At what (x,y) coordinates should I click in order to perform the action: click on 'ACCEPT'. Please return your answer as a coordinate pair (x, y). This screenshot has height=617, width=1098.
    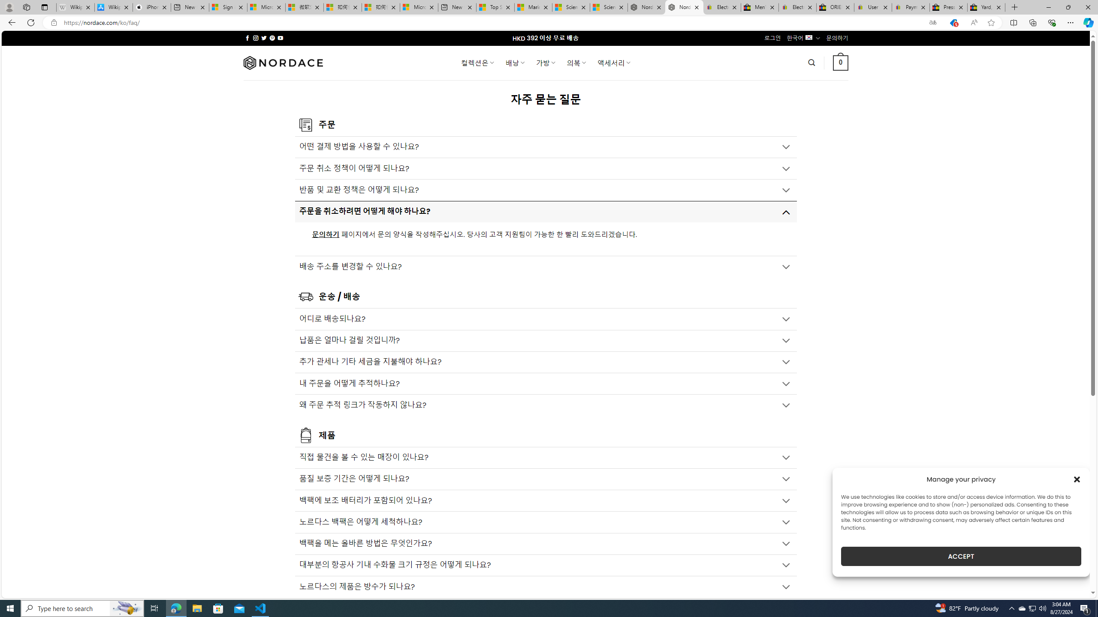
    Looking at the image, I should click on (961, 556).